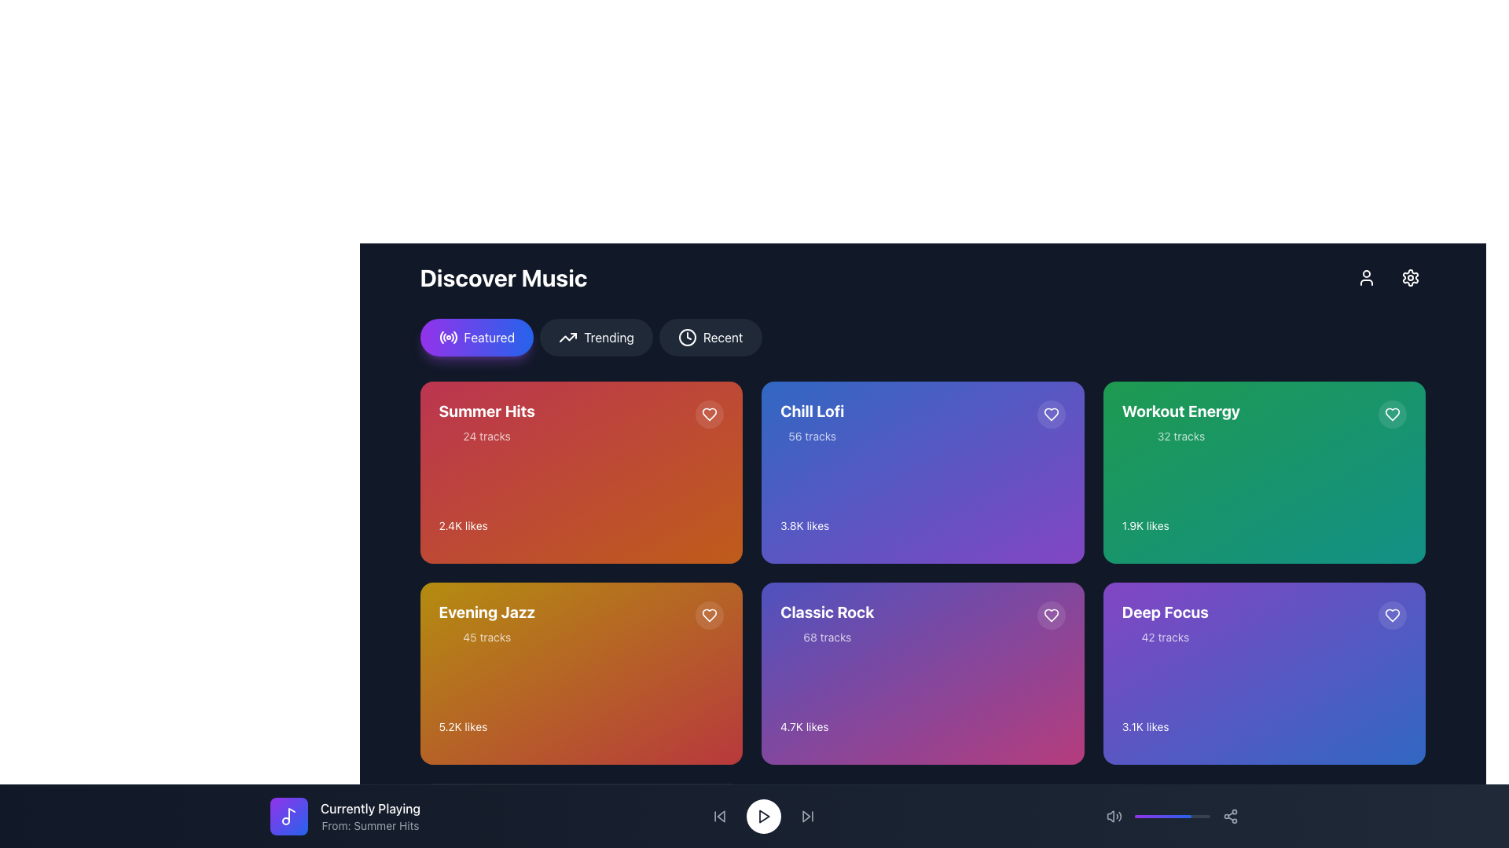 This screenshot has width=1509, height=848. Describe the element at coordinates (923, 623) in the screenshot. I see `the 'Classic Rock' title and '68 tracks' subtitle element, which is located in the third card of the second row in the 'Discover Music' section of the interface` at that location.